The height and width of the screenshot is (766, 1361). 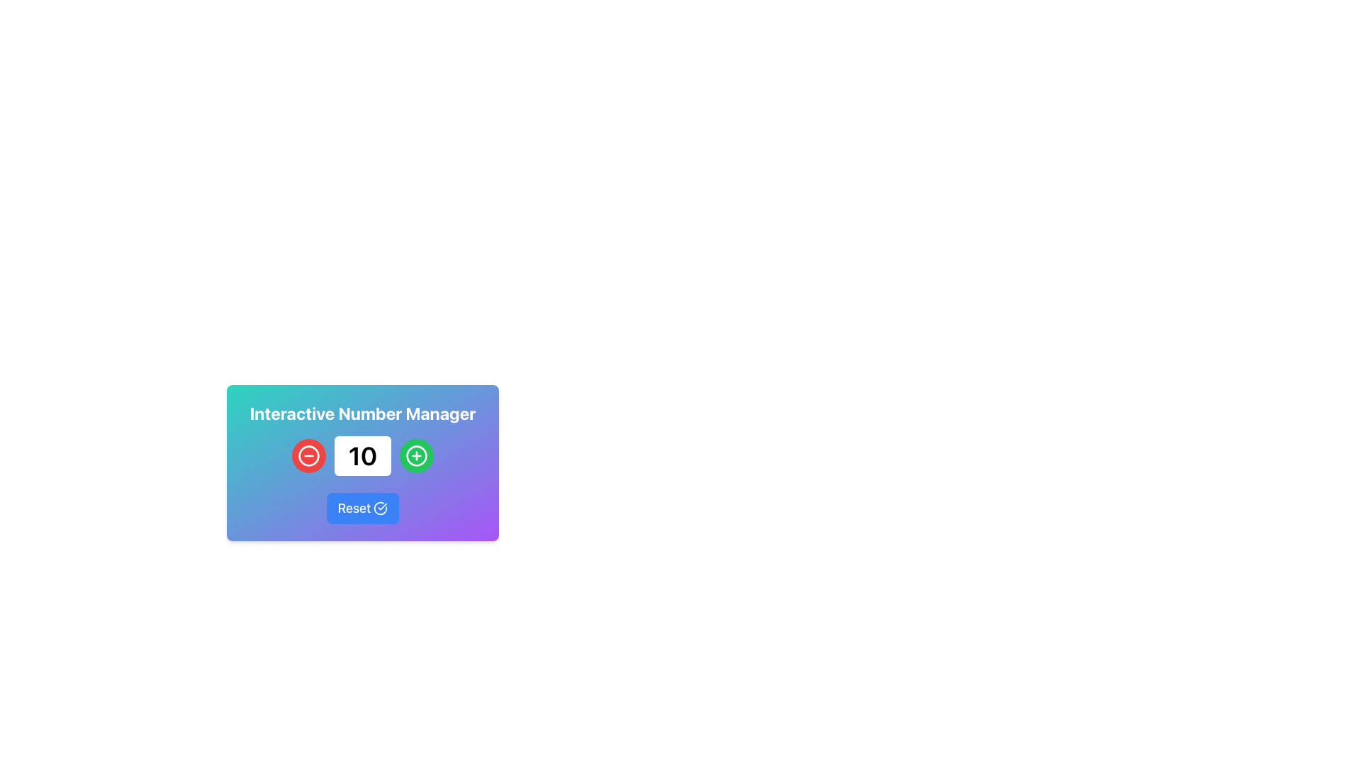 I want to click on the decorative icon located to the right of the 'Reset' text label on the blue button at the bottom center of the interface panel, so click(x=381, y=508).